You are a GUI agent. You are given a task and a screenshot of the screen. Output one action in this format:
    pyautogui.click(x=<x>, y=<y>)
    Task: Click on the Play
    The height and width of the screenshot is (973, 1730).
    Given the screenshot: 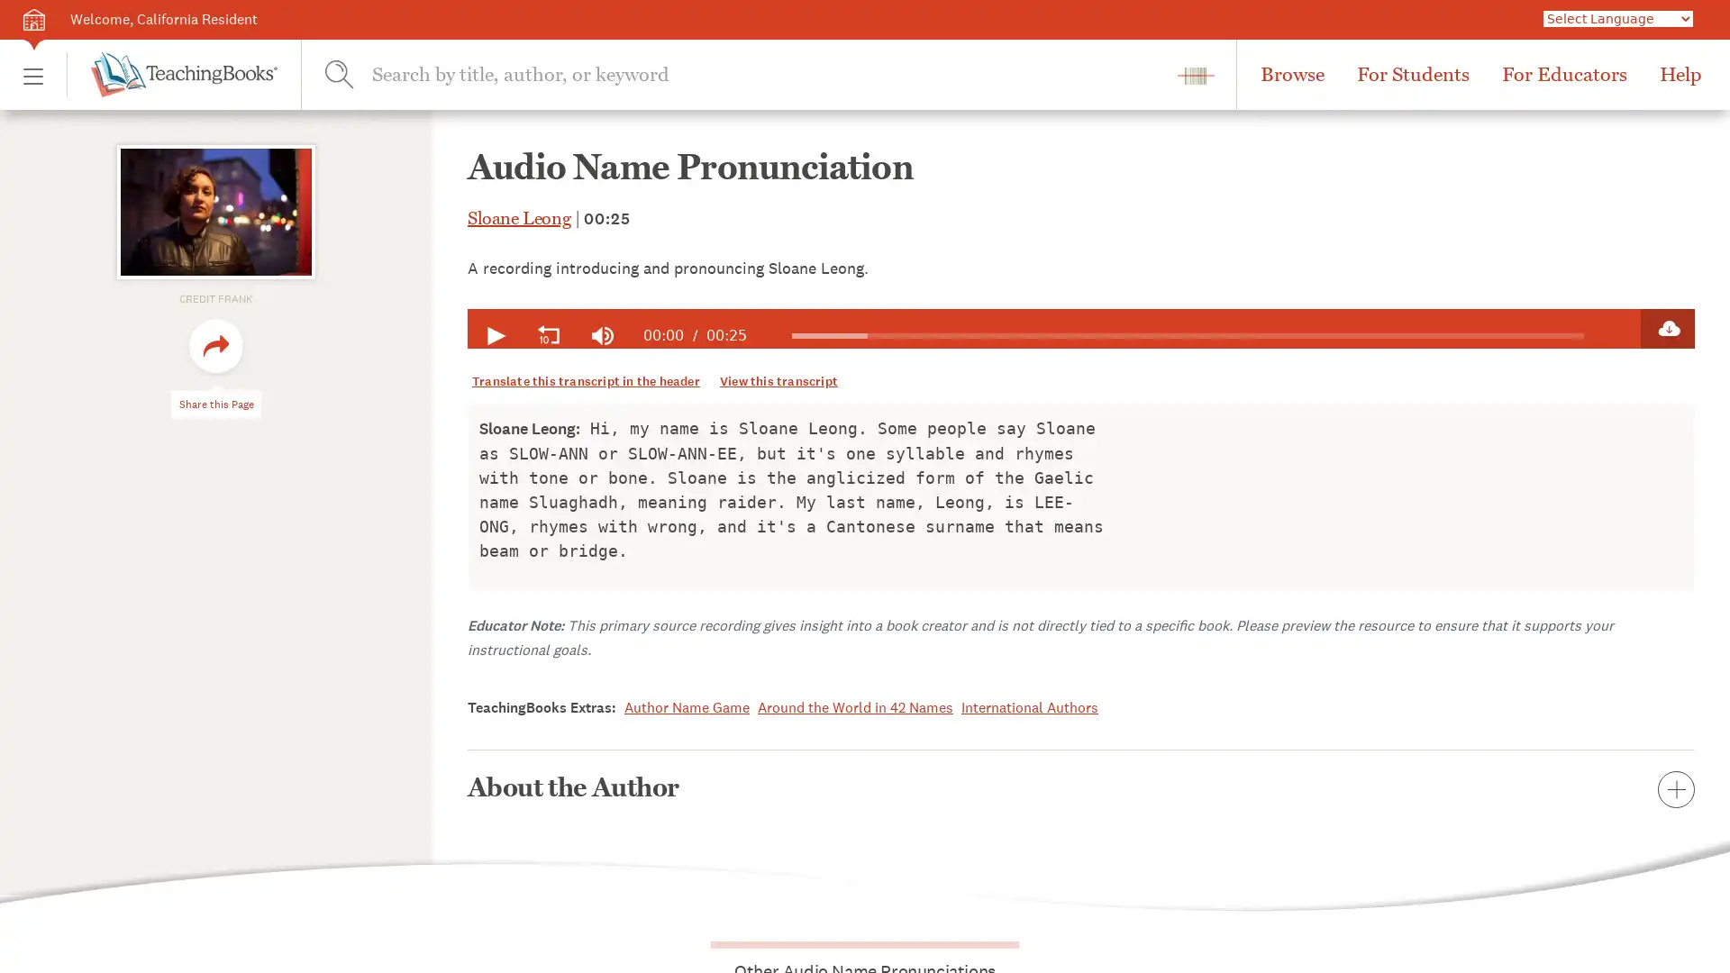 What is the action you would take?
    pyautogui.click(x=494, y=336)
    